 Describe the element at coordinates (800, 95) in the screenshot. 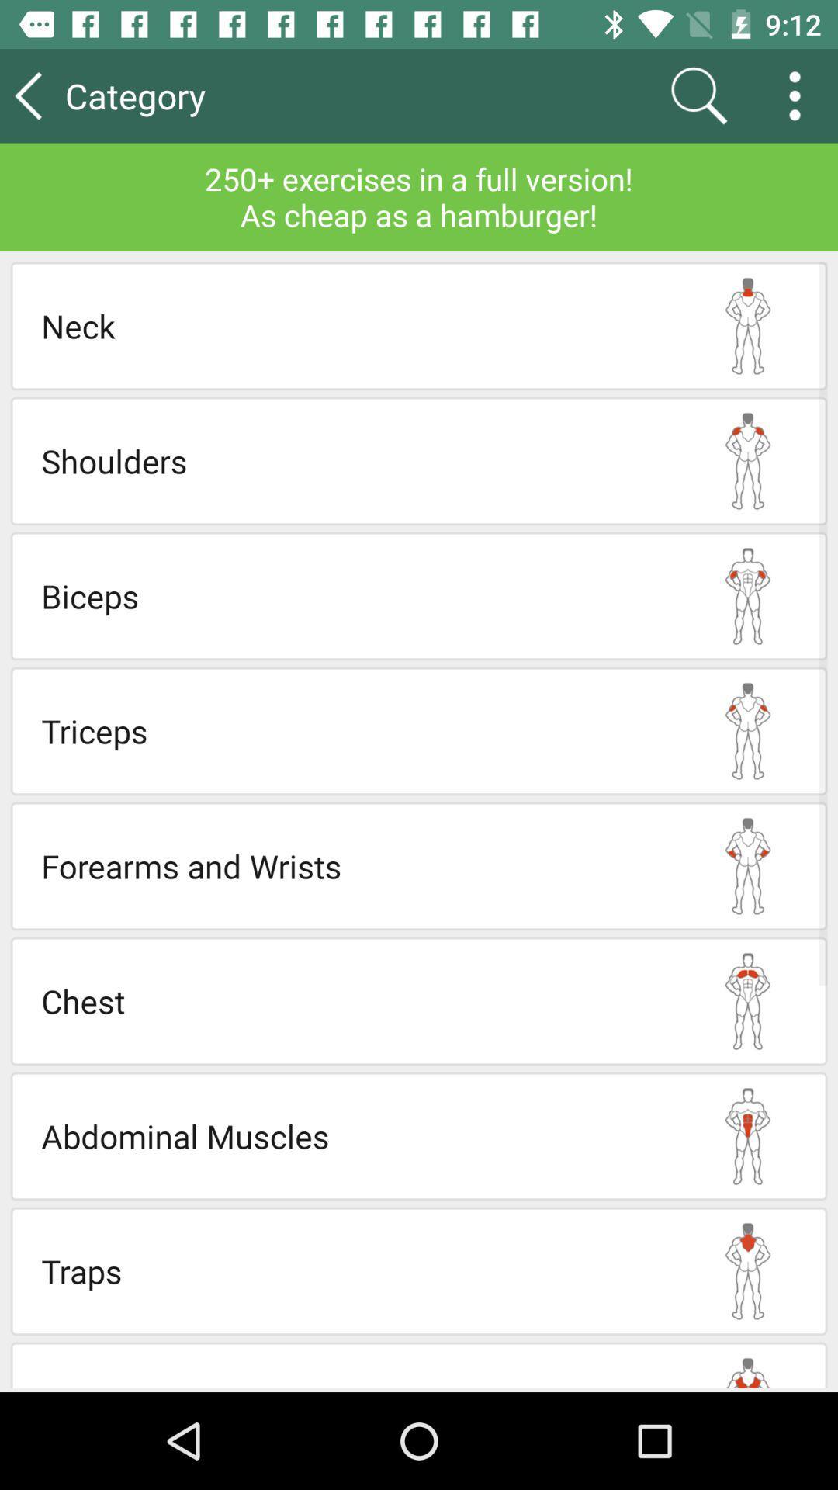

I see `the more icon` at that location.